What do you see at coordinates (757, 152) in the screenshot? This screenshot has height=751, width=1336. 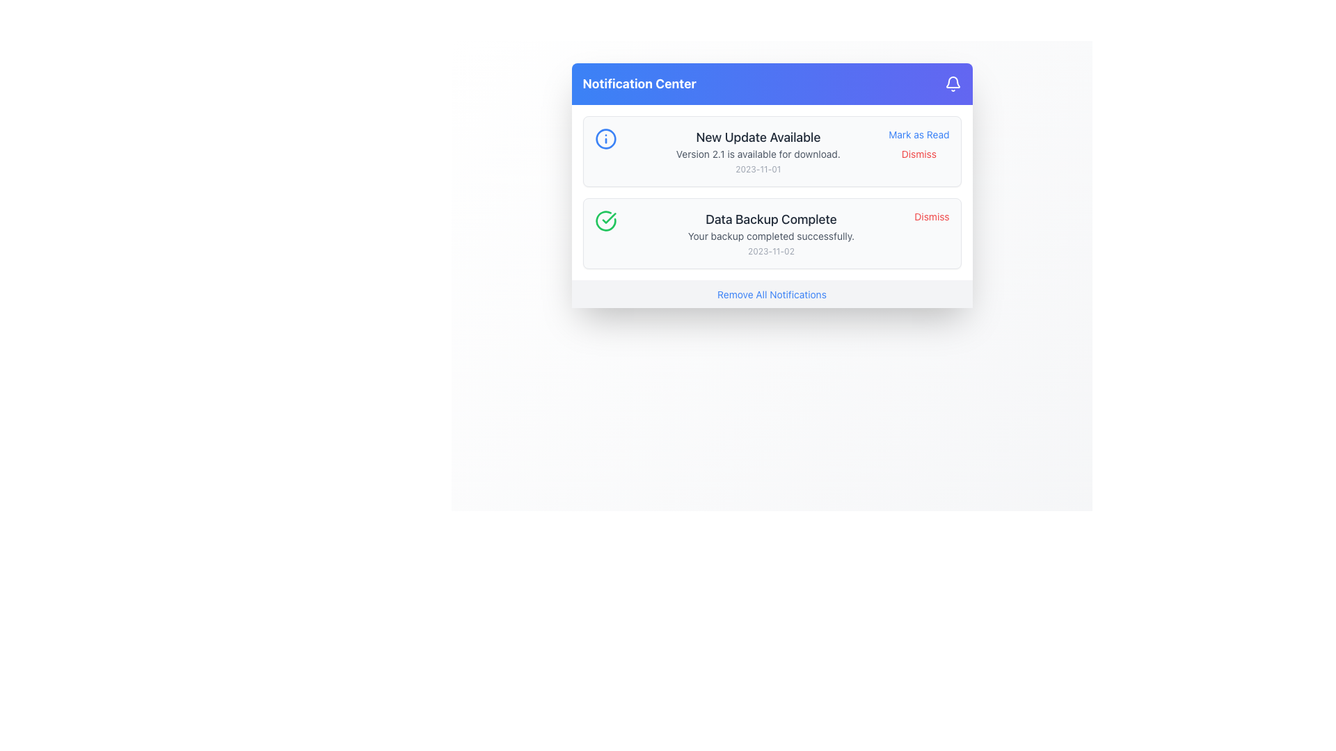 I see `the informational text block displaying 'New Update Available' in the Notification Center` at bounding box center [757, 152].